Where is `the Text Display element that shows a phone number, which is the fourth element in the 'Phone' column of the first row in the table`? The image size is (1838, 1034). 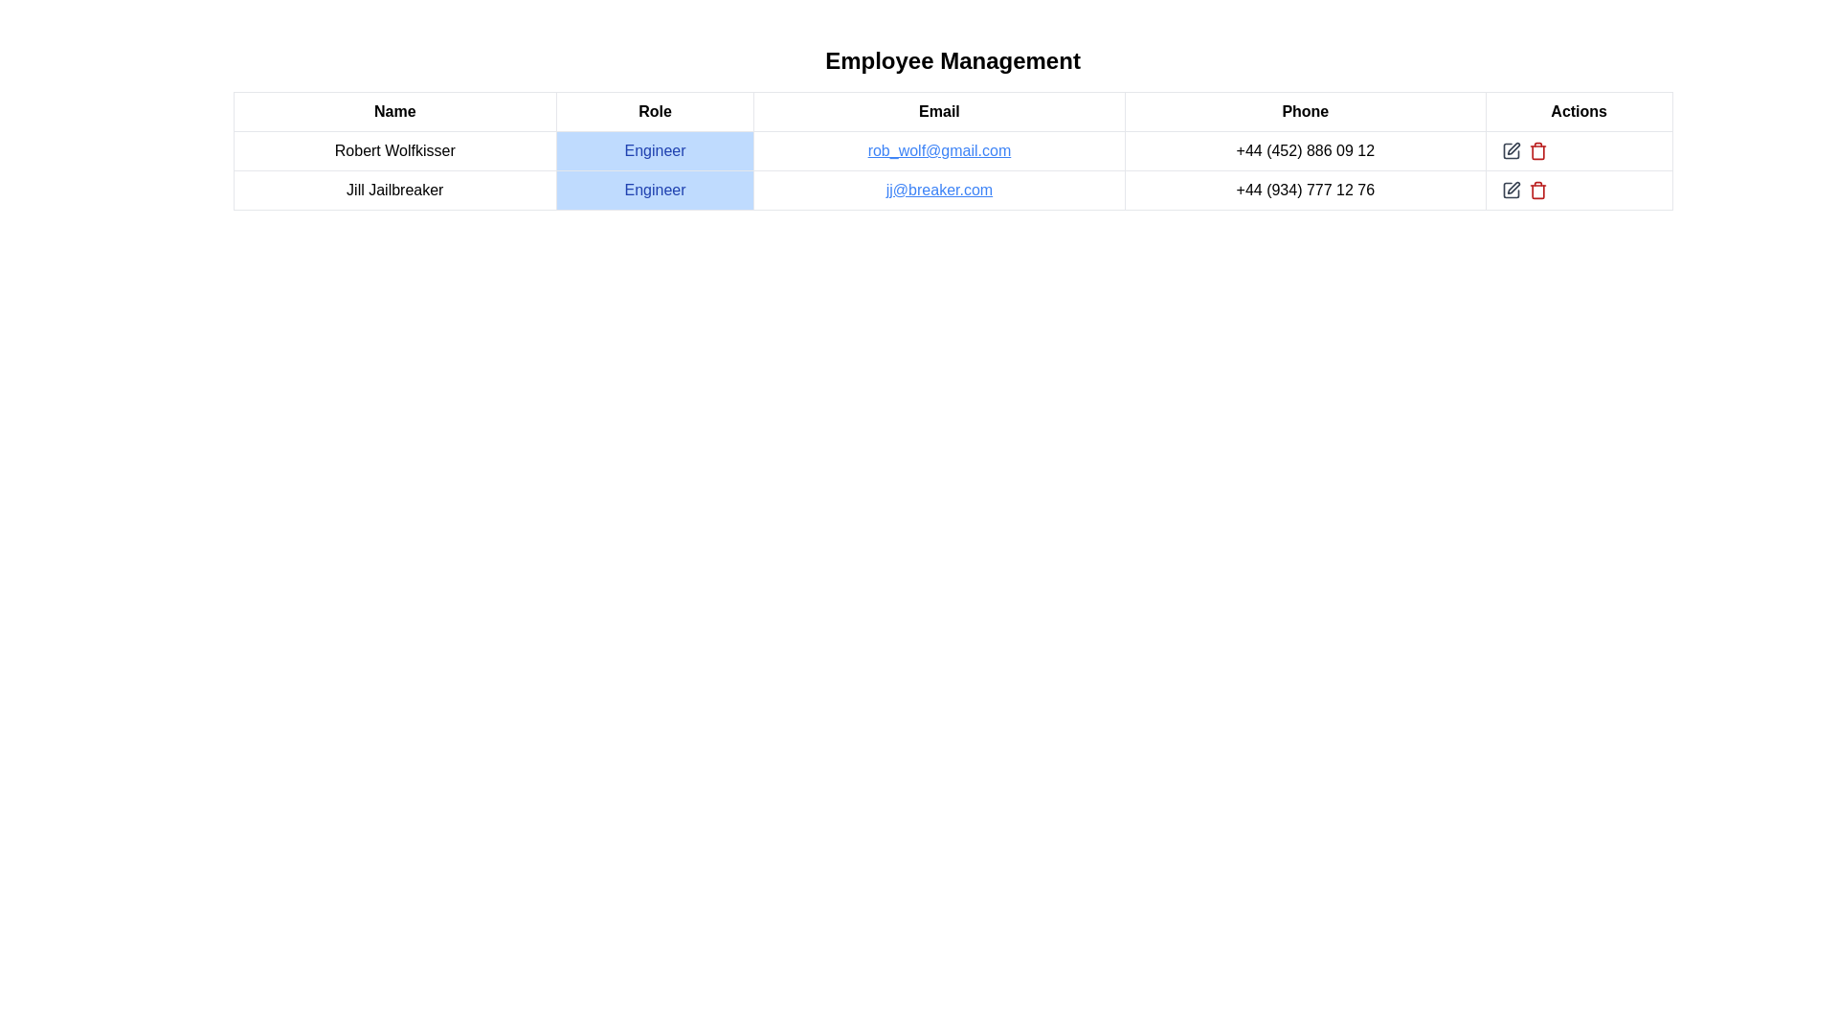 the Text Display element that shows a phone number, which is the fourth element in the 'Phone' column of the first row in the table is located at coordinates (1304, 150).